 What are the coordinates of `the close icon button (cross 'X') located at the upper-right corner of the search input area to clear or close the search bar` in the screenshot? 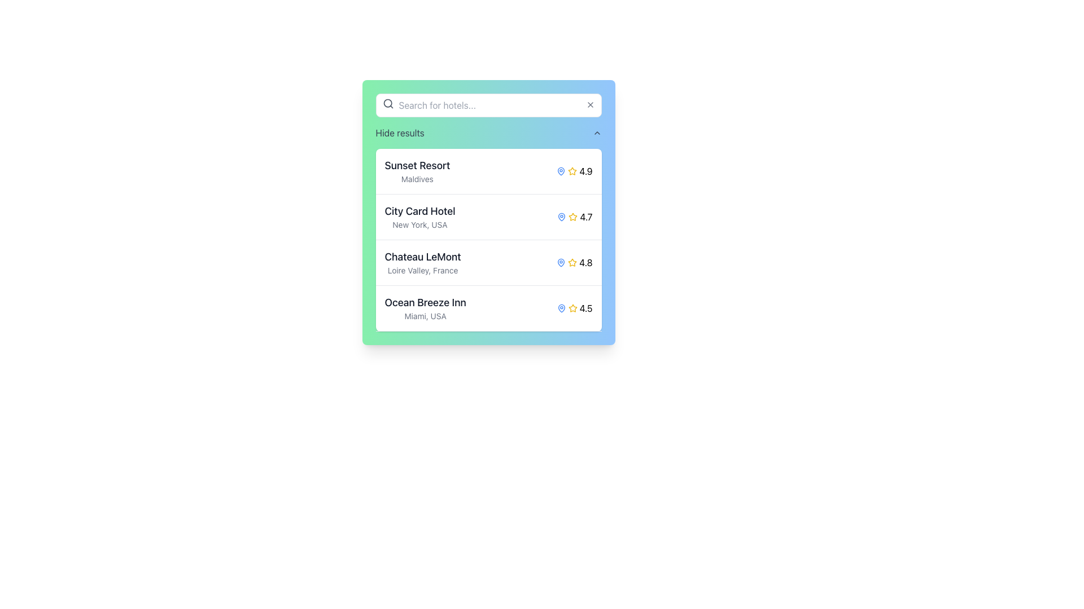 It's located at (589, 104).